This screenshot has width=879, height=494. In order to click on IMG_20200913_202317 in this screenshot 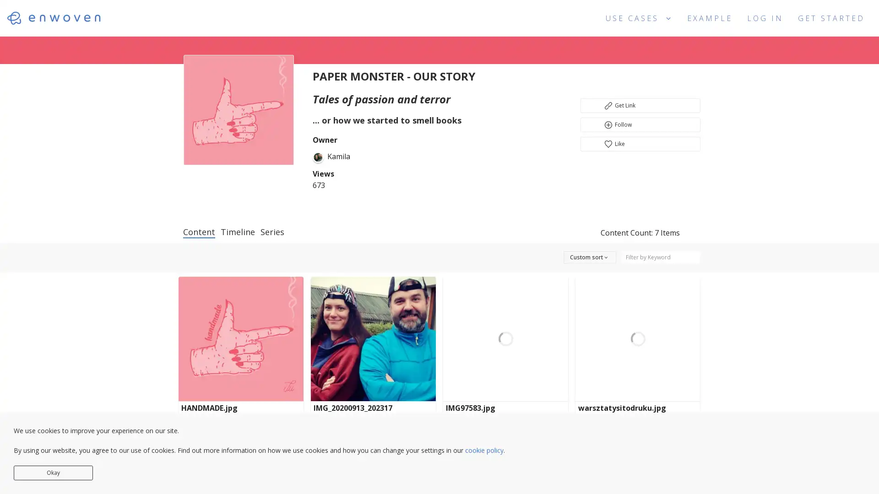, I will do `click(373, 413)`.